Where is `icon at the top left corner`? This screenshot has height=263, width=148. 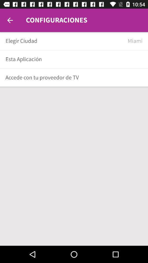
icon at the top left corner is located at coordinates (10, 20).